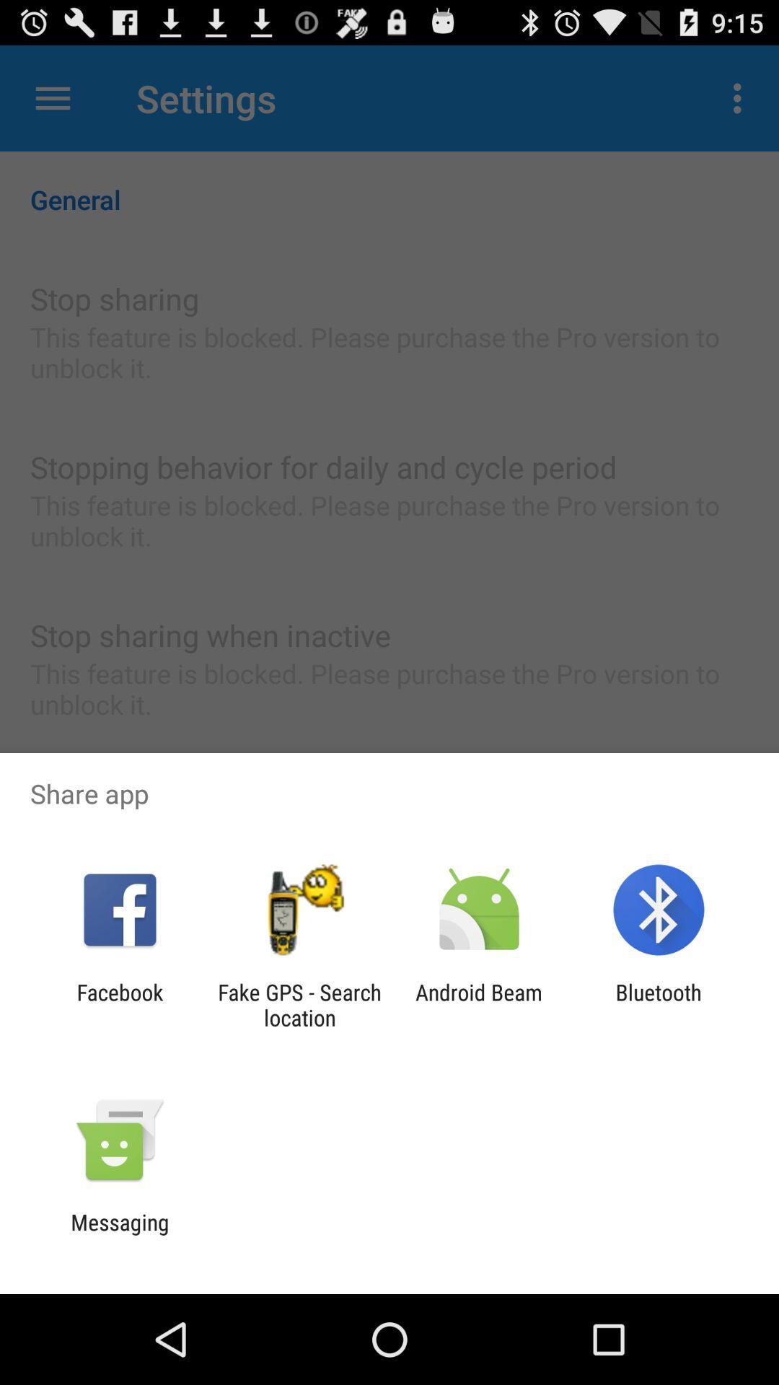  Describe the element at coordinates (659, 1004) in the screenshot. I see `app to the right of android beam item` at that location.